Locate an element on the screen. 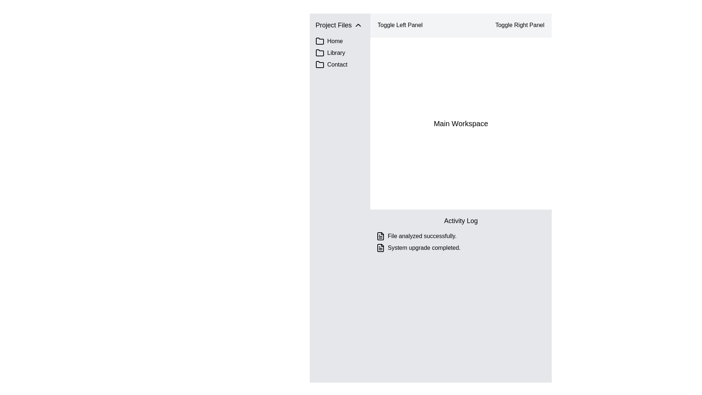 The width and height of the screenshot is (702, 395). the folder icon located at the top of the side navigation menu, which represents the 'Home' option is located at coordinates (320, 41).